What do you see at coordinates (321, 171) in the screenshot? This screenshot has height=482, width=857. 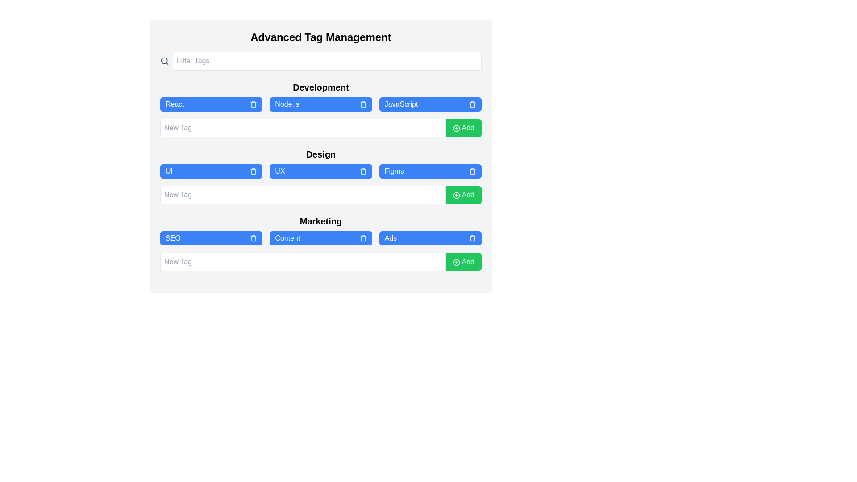 I see `the 'UX' button located in the 'Design' row` at bounding box center [321, 171].